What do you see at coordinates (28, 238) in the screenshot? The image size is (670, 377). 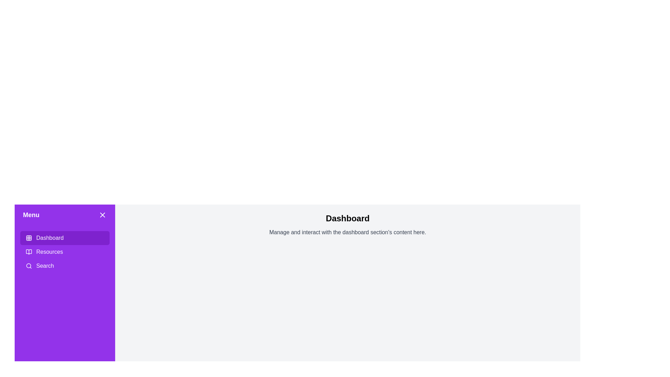 I see `the decorative visual element that represents the top-left corner square of the 3x3 grid icon in the sidebar menu, positioned left of the 'Dashboard' text` at bounding box center [28, 238].